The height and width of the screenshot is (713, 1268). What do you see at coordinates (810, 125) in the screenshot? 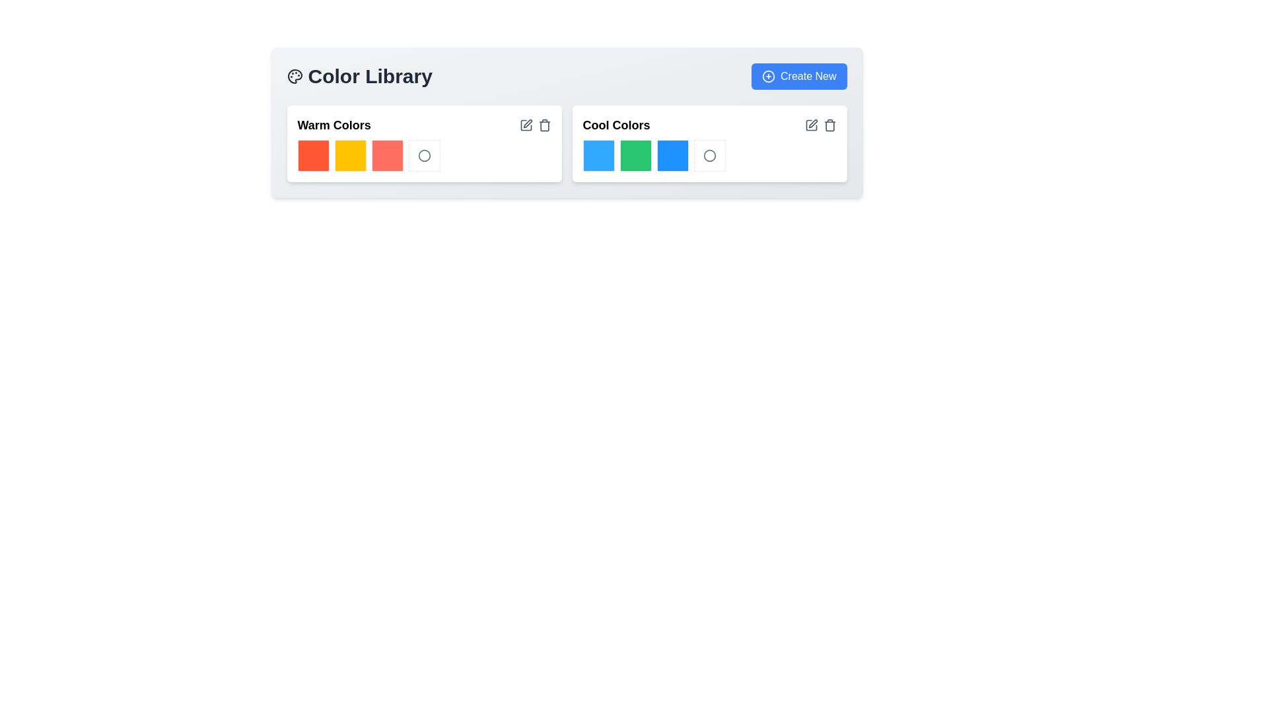
I see `the edit button for the 'Cool Colors' category, located at the top-right corner of its section` at bounding box center [810, 125].